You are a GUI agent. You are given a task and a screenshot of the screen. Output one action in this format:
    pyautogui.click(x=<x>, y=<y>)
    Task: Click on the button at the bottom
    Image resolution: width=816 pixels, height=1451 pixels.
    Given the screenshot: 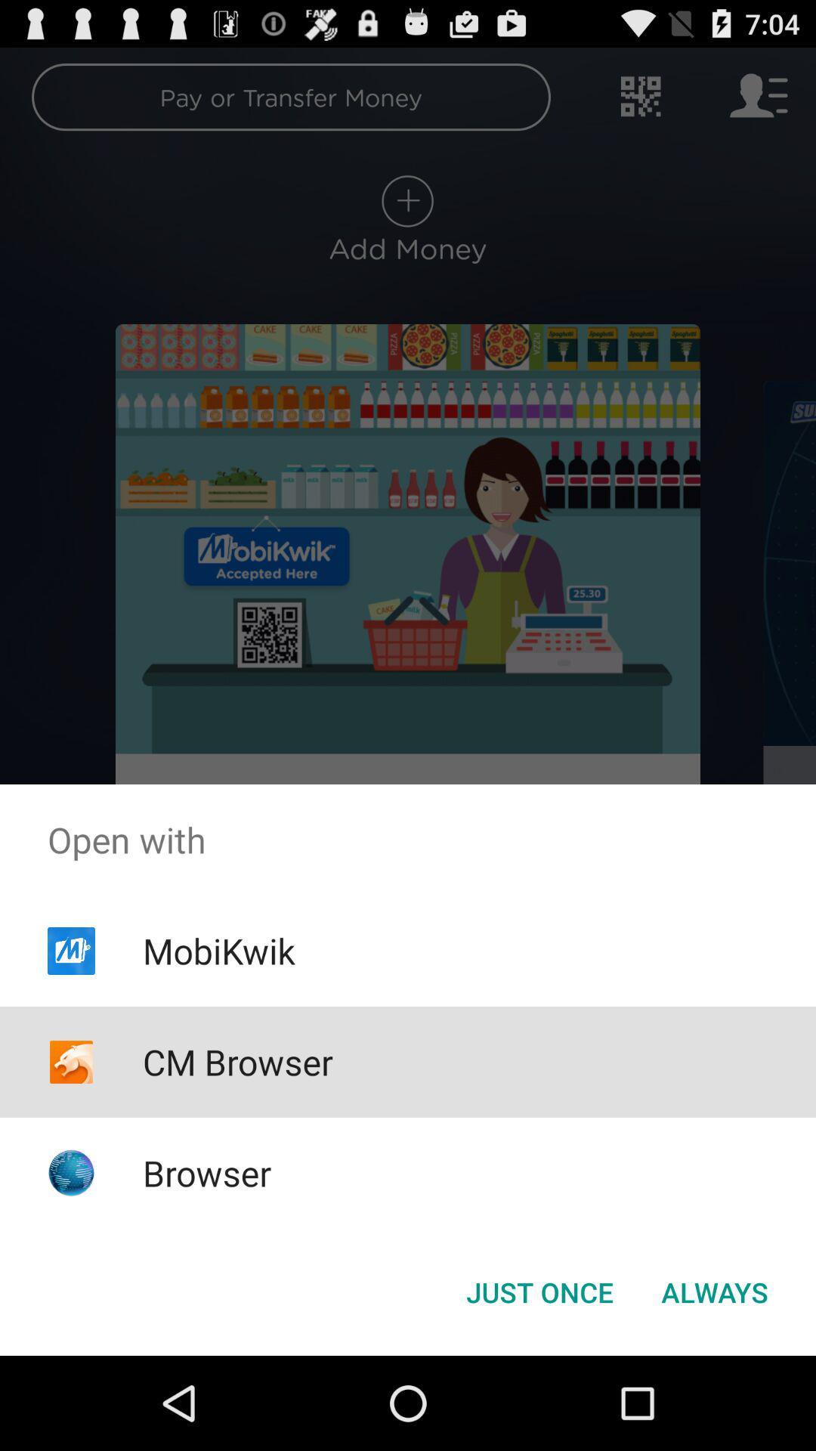 What is the action you would take?
    pyautogui.click(x=539, y=1291)
    